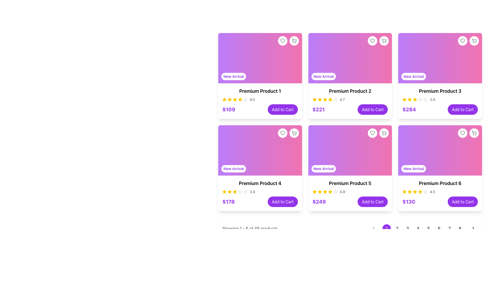 The image size is (503, 283). I want to click on the first star icon representing the rating of 'Premium Product 6', located at the bottom-right corner of the product card, so click(404, 192).